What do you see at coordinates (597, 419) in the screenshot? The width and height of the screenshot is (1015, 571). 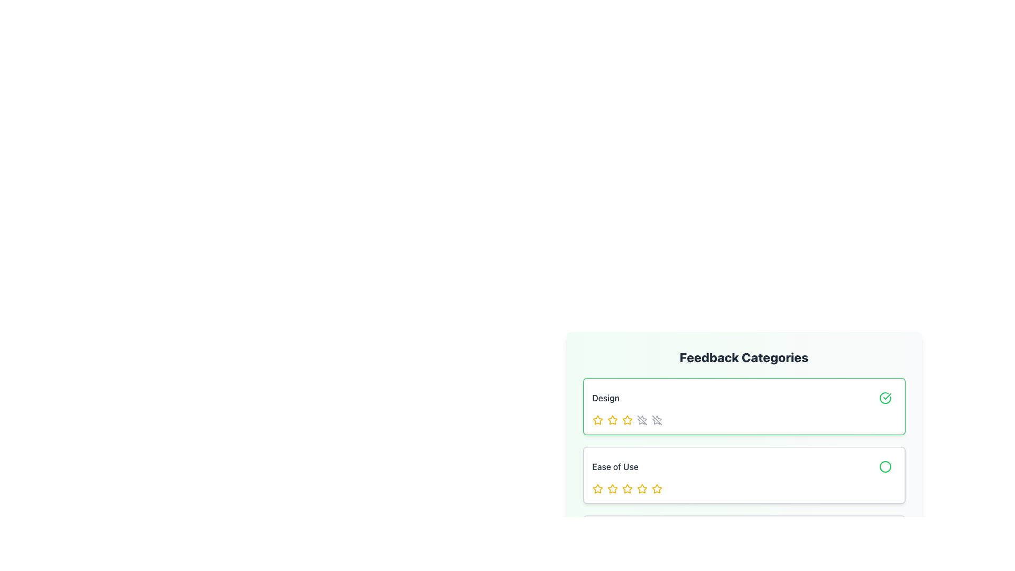 I see `the yellow star-shaped rating icon associated with the 'Design' feedback category` at bounding box center [597, 419].